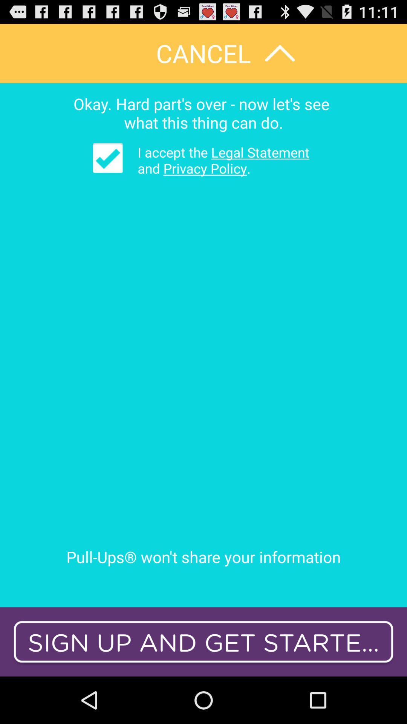  Describe the element at coordinates (203, 641) in the screenshot. I see `icon below pull ups won app` at that location.